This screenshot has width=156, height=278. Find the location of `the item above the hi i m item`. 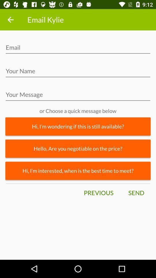

the item above the hi i m item is located at coordinates (78, 148).